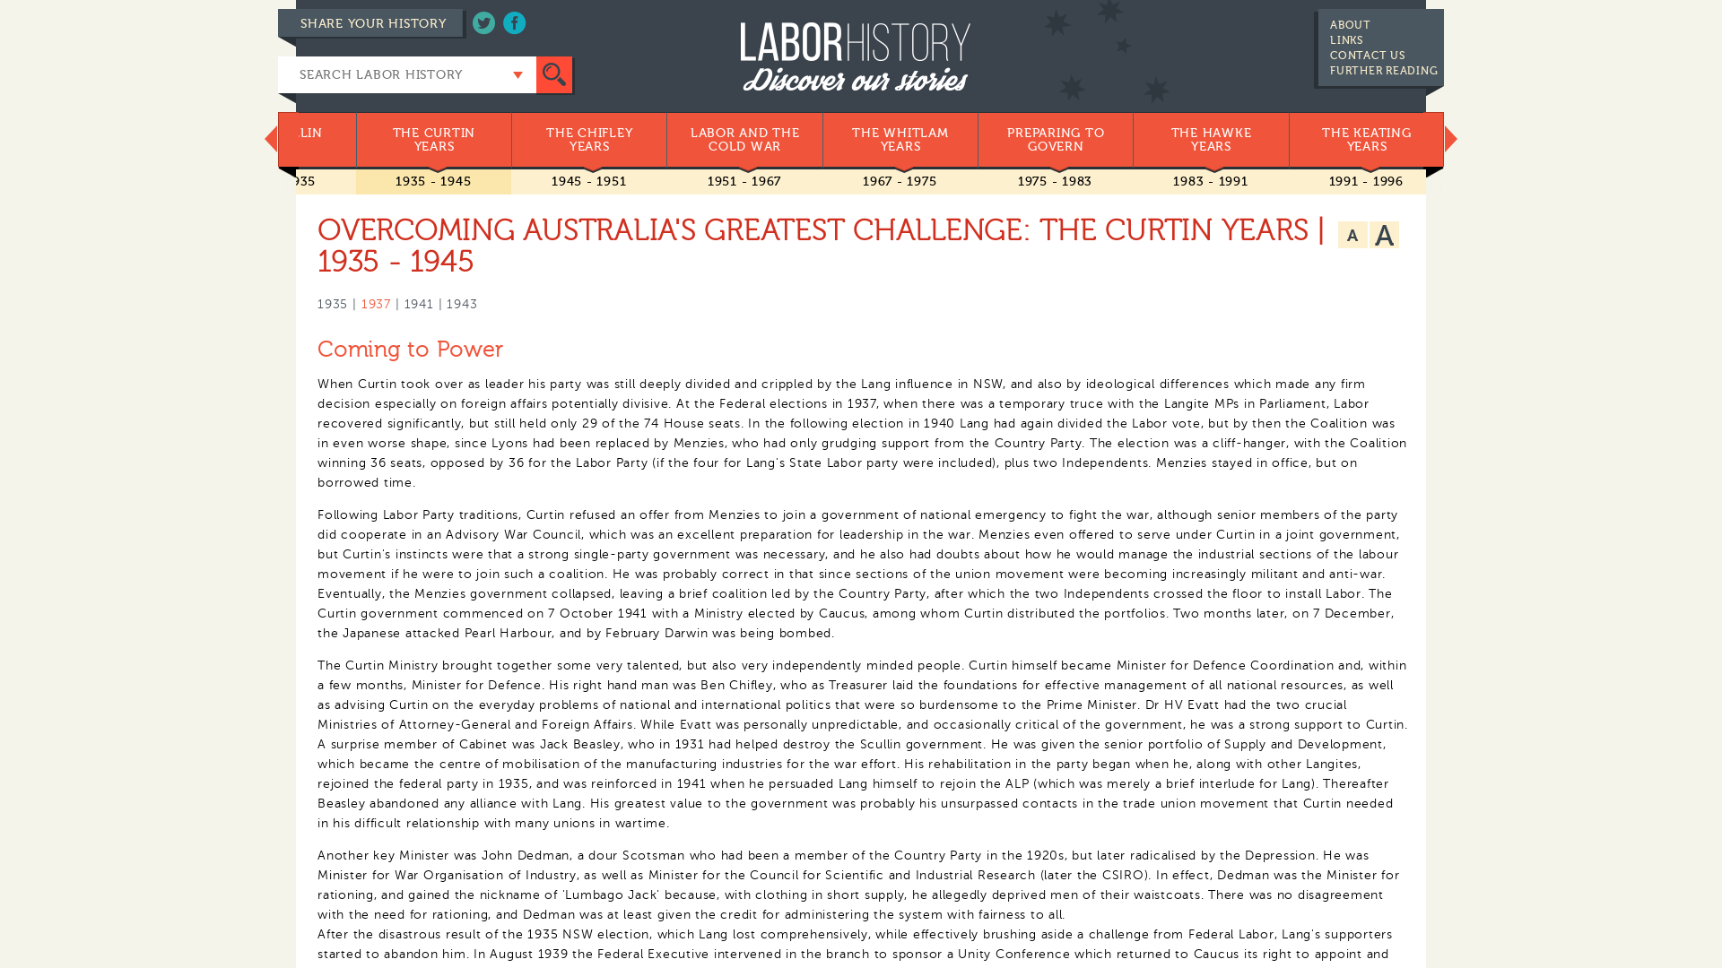 The height and width of the screenshot is (968, 1722). Describe the element at coordinates (356, 140) in the screenshot. I see `'THE CURTIN YEARS'` at that location.